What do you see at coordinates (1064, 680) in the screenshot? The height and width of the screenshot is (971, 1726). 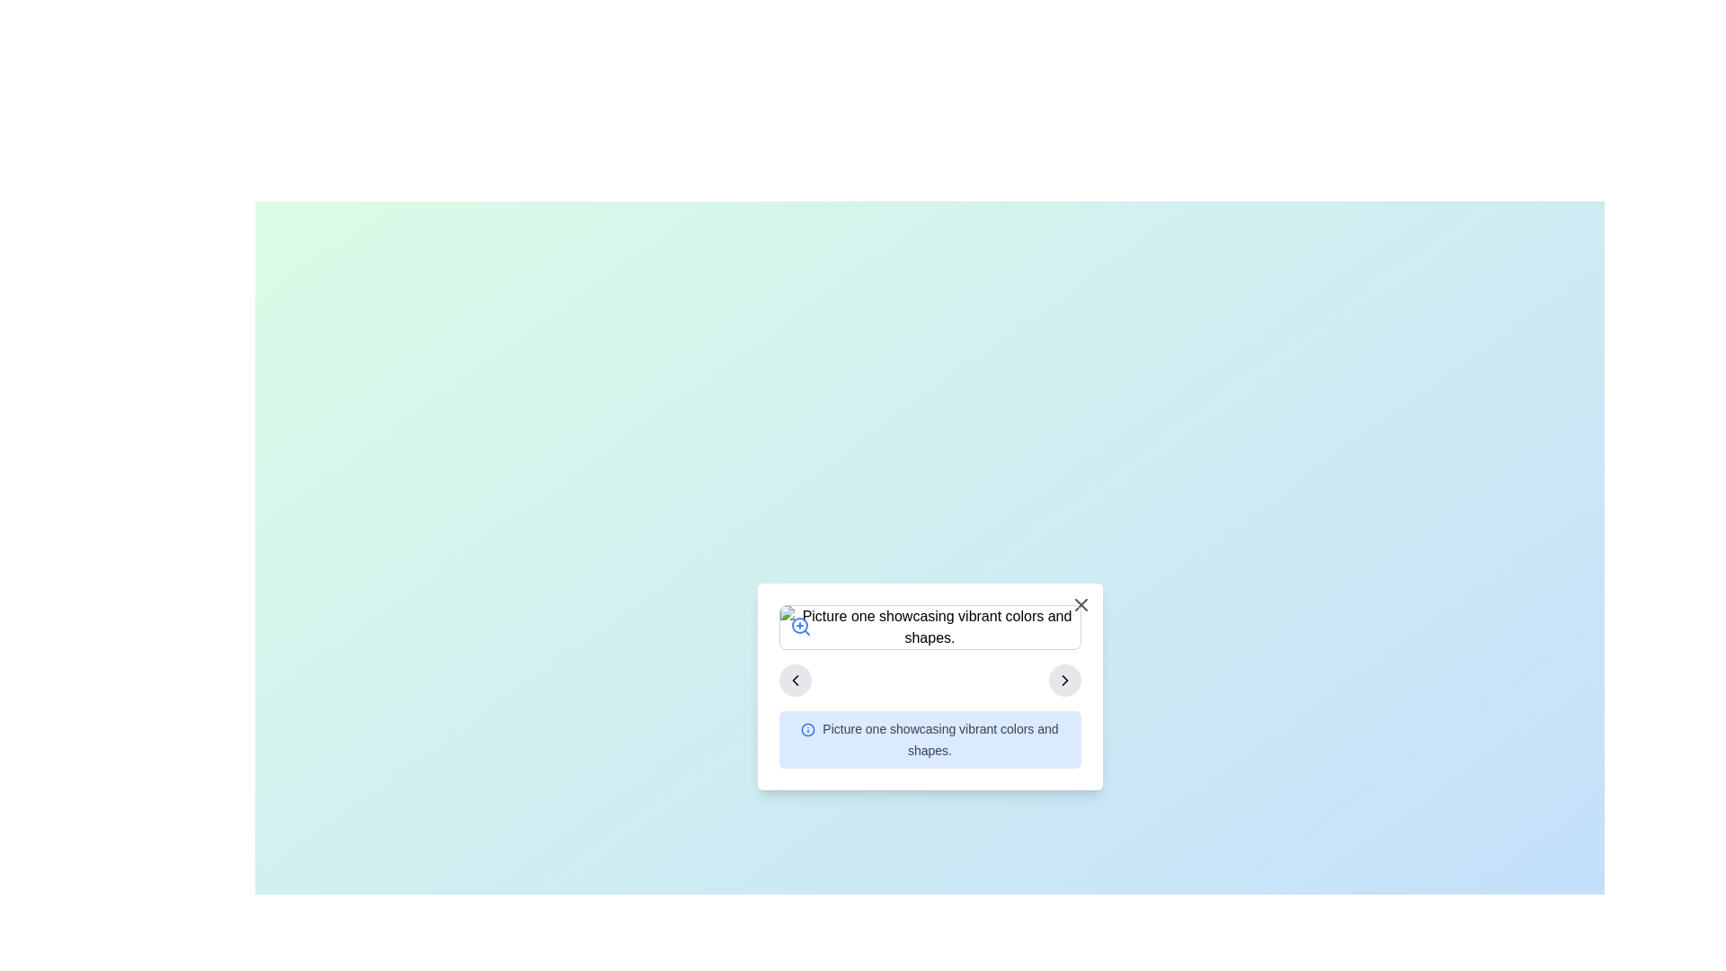 I see `the circular 'Next' icon button with a chevron arrow symbol` at bounding box center [1064, 680].